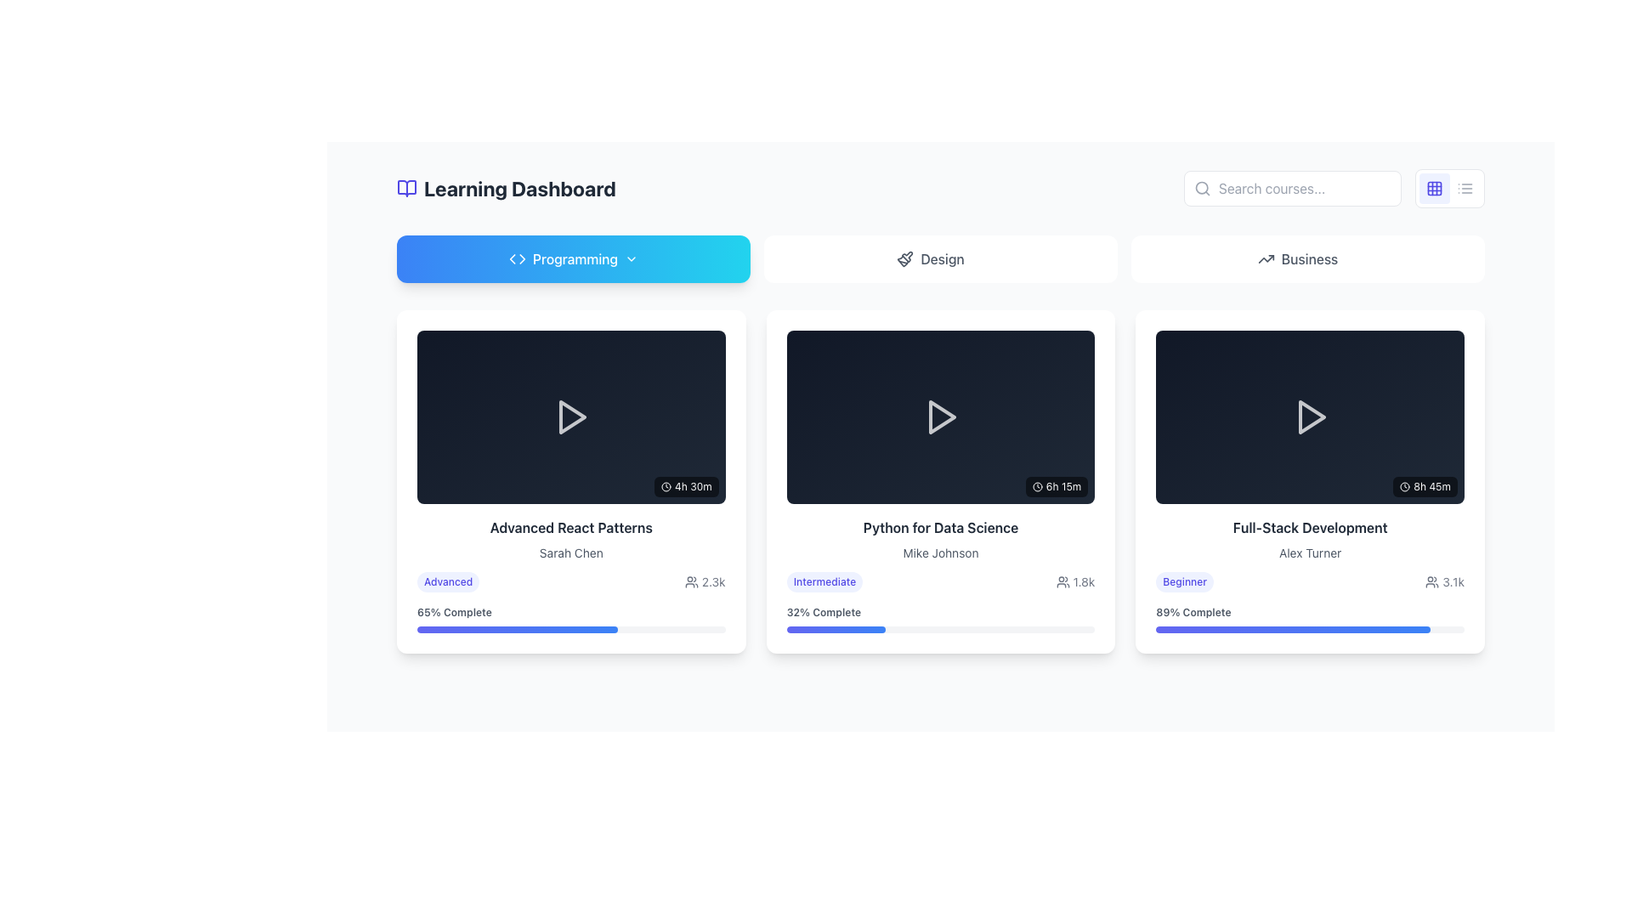 The image size is (1632, 918). I want to click on the SVG clock icon located above and to the left of the text '8h 45m' within the 'Full-Stack Development' card in the 'Business' section, so click(1405, 486).